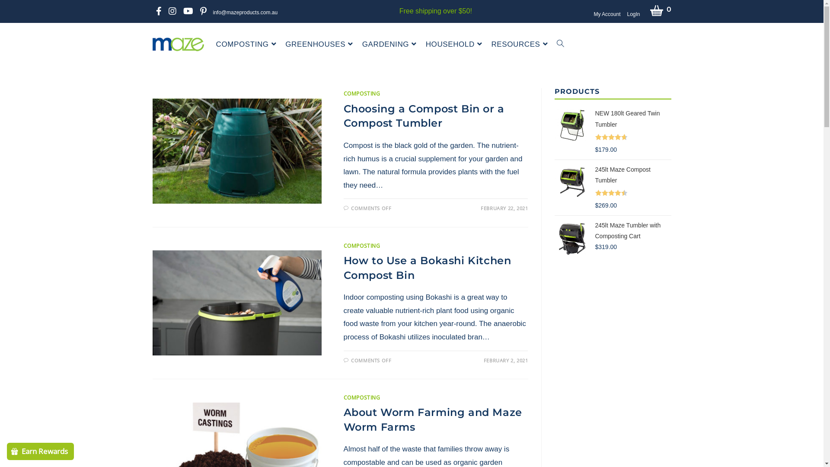 This screenshot has height=467, width=830. What do you see at coordinates (424, 115) in the screenshot?
I see `'Choosing a Compost Bin or a Compost Tumbler'` at bounding box center [424, 115].